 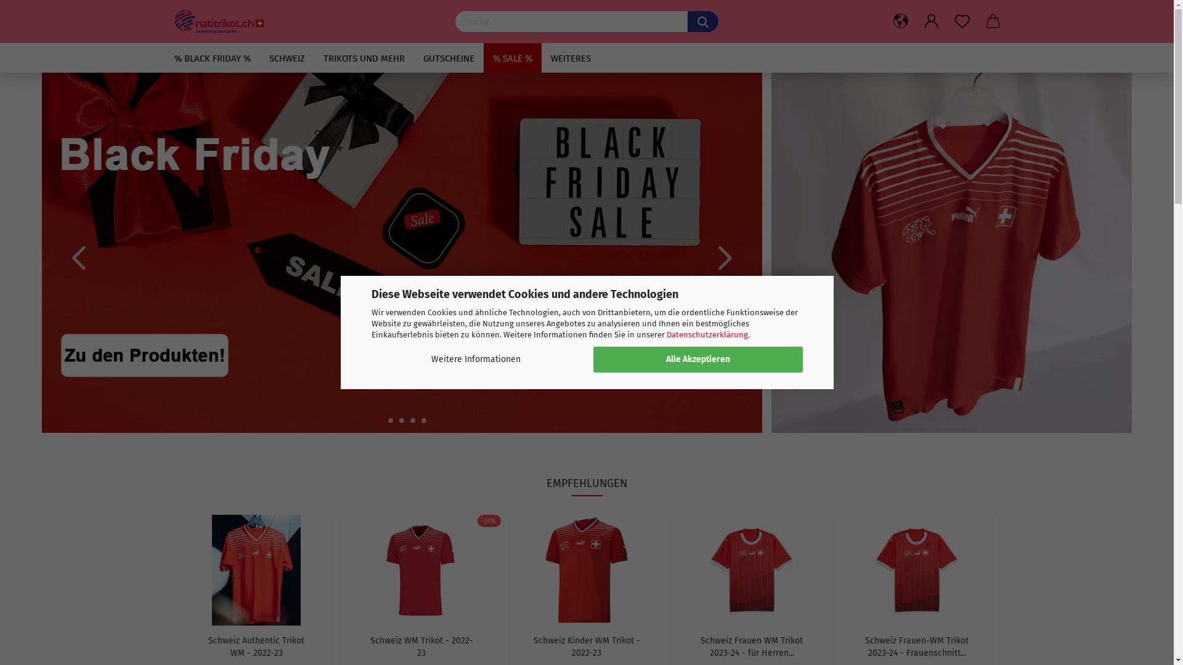 I want to click on 'Schweiz Frauen-WM Trikot 2023-24 - Frauenschnitt', so click(x=916, y=570).